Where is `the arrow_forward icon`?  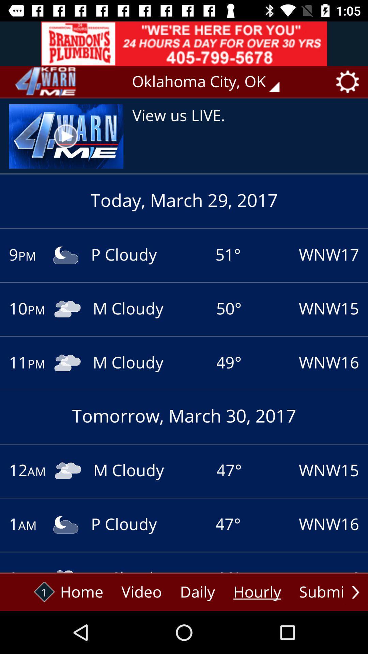 the arrow_forward icon is located at coordinates (355, 592).